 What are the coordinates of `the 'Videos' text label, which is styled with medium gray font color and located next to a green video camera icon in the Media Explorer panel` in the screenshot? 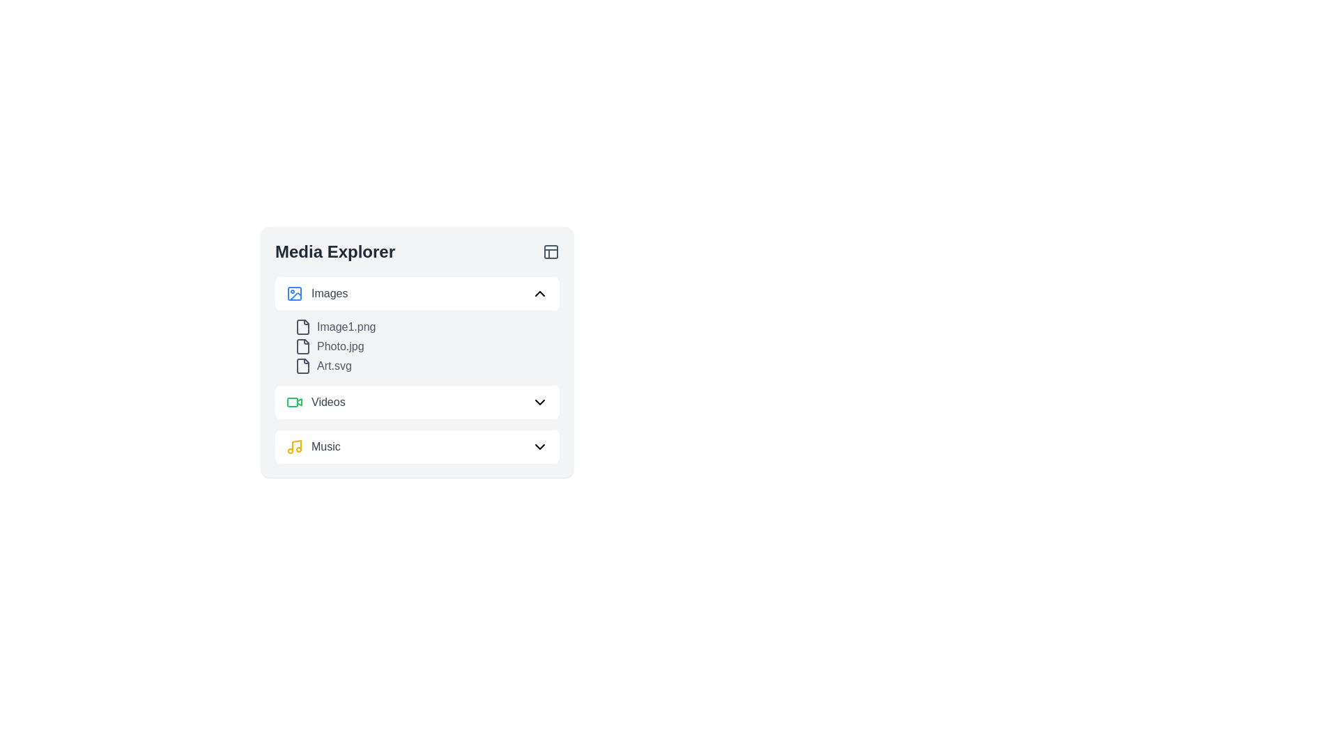 It's located at (315, 402).